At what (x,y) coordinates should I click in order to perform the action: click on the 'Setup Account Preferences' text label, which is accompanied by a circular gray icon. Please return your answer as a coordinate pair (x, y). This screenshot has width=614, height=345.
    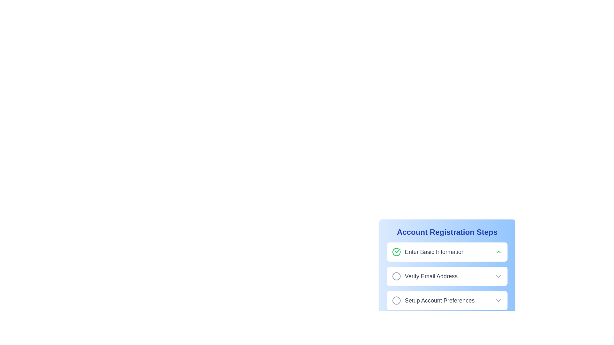
    Looking at the image, I should click on (433, 301).